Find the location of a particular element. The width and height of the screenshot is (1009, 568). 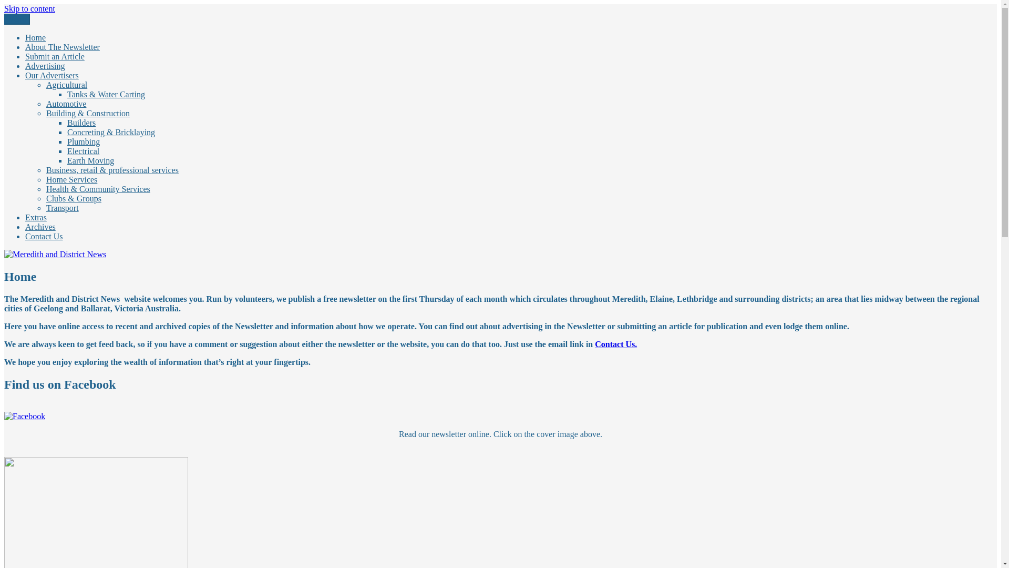

'Contact Us' is located at coordinates (43, 236).